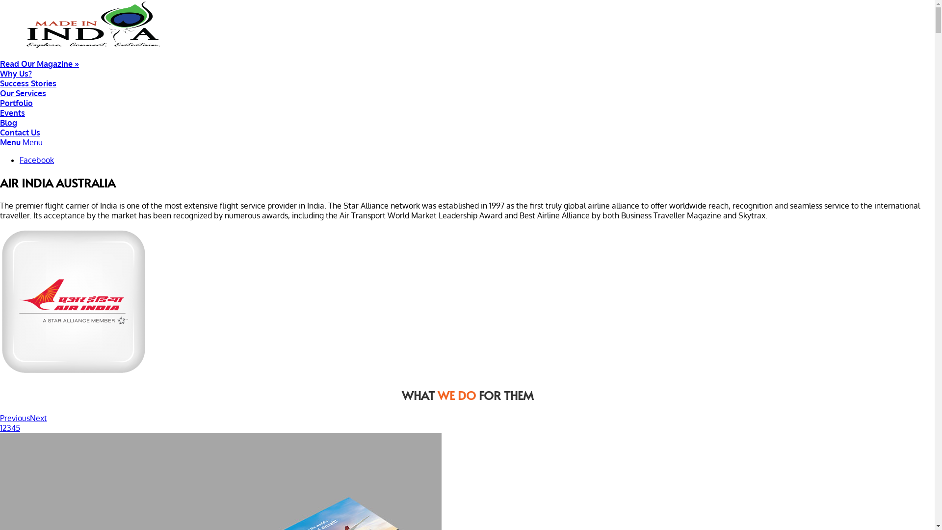 Image resolution: width=942 pixels, height=530 pixels. I want to click on '2', so click(4, 427).